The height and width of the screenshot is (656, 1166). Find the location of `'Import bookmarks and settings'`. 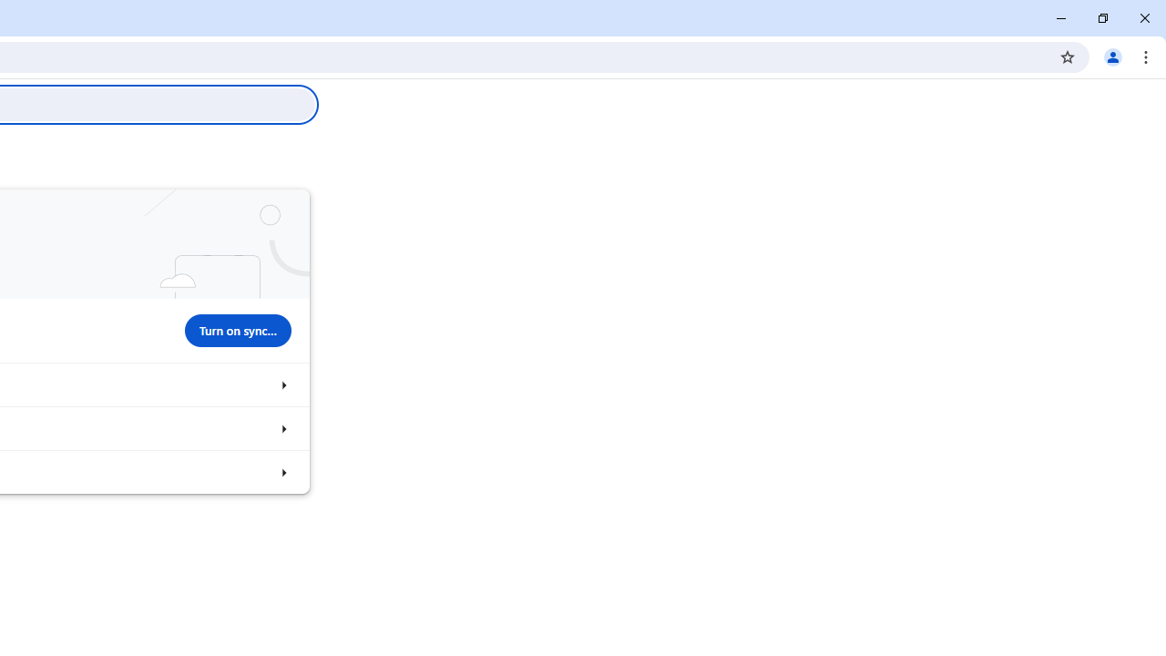

'Import bookmarks and settings' is located at coordinates (282, 471).